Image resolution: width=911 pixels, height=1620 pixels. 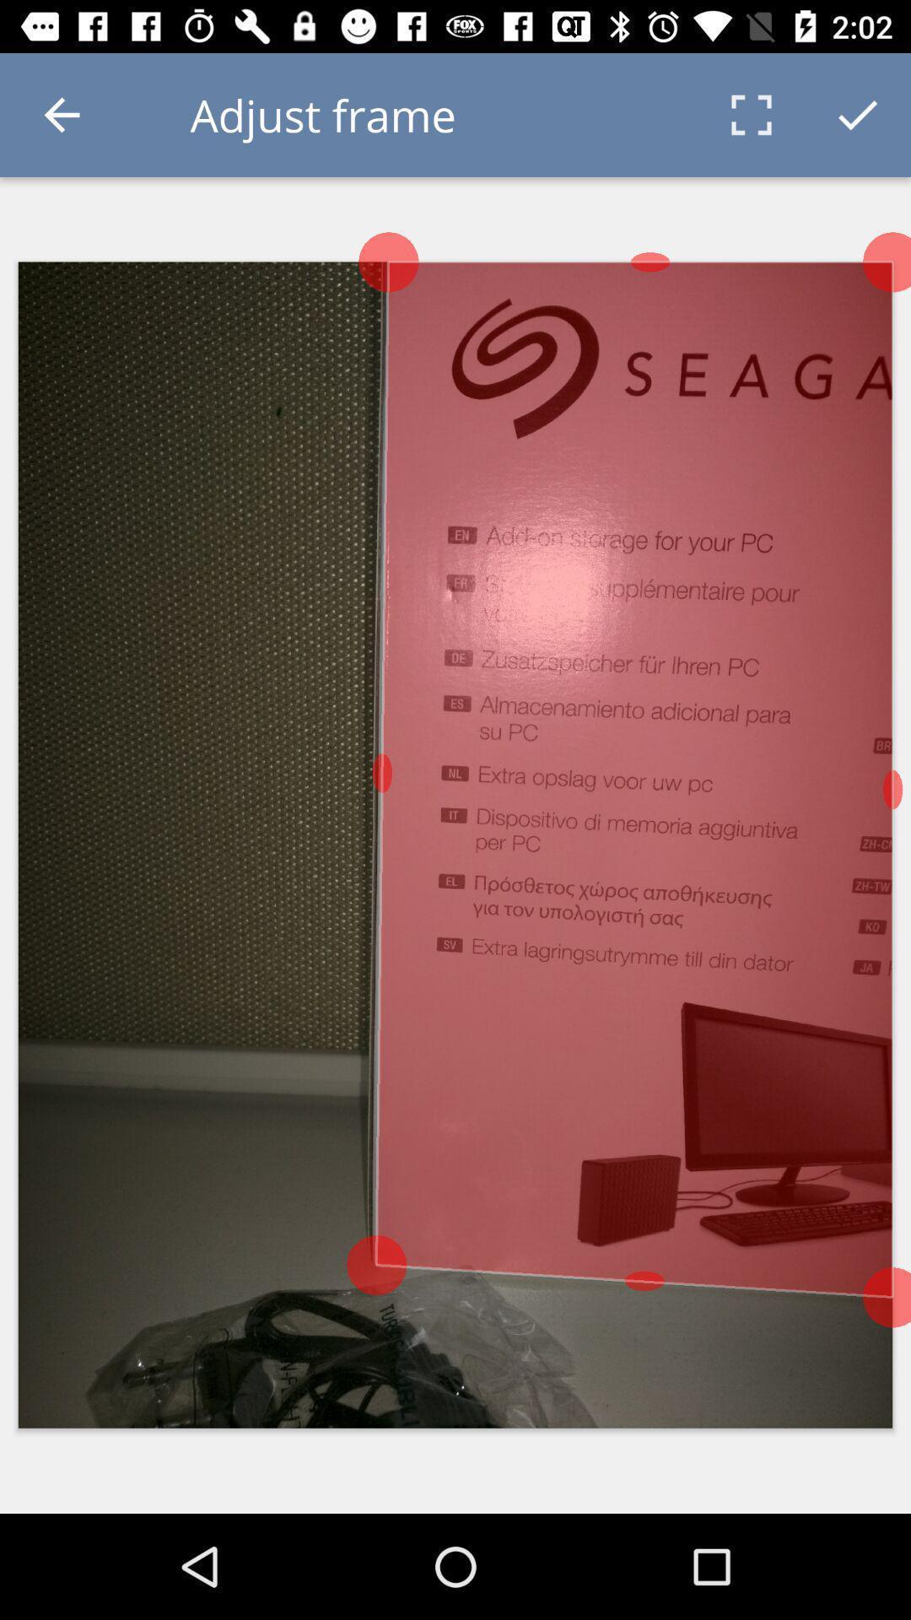 What do you see at coordinates (61, 114) in the screenshot?
I see `item next to the adjust frame` at bounding box center [61, 114].